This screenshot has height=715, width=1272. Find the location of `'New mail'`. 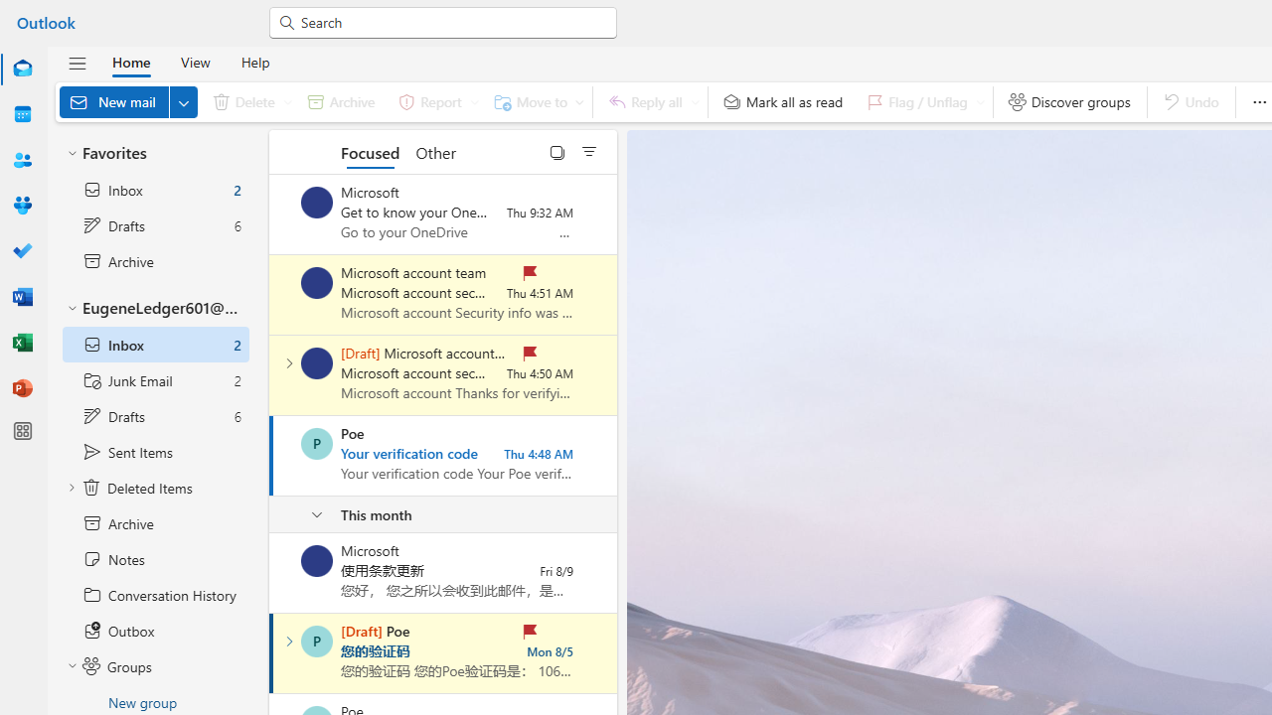

'New mail' is located at coordinates (127, 101).